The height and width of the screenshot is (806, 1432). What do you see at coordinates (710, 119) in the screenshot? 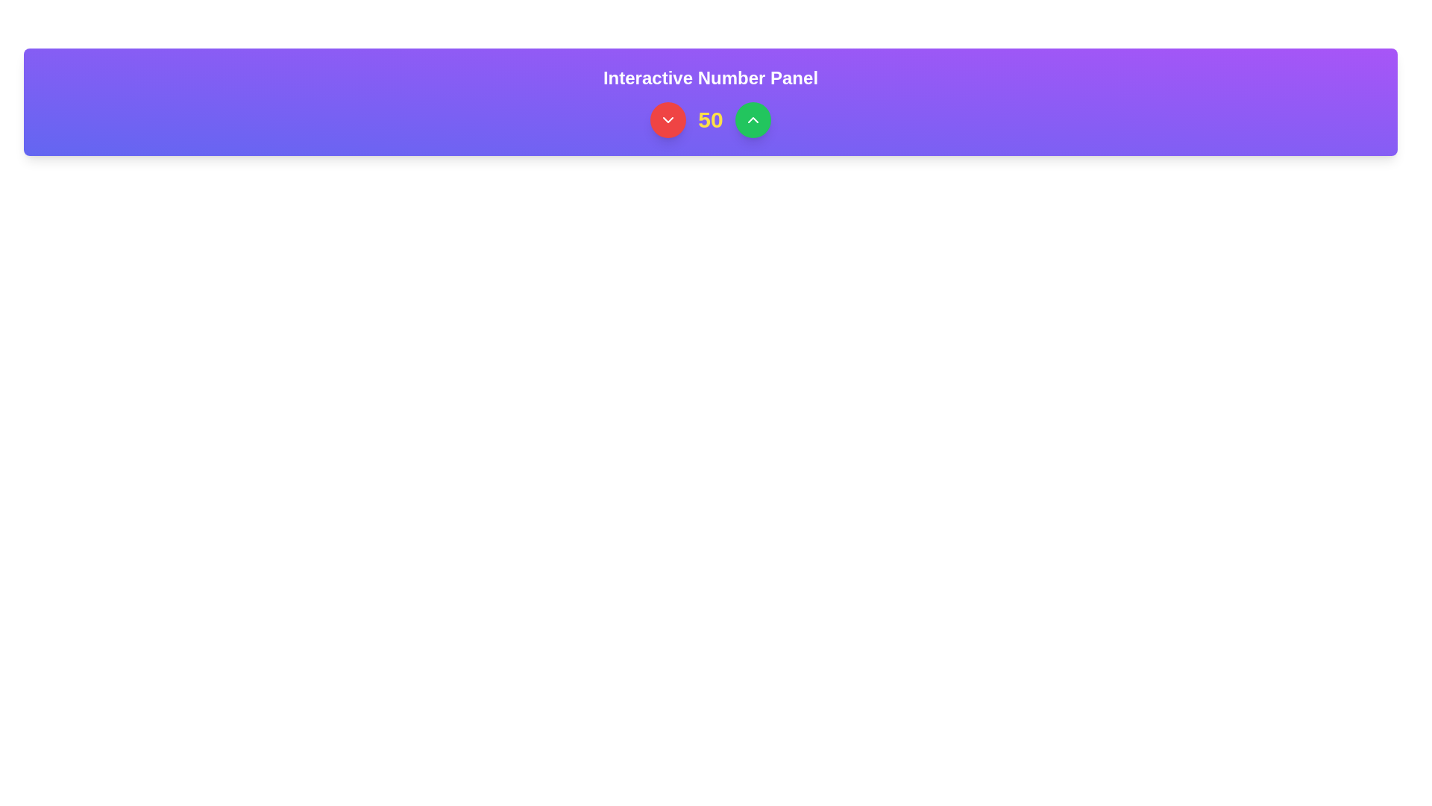
I see `the static text element displaying the numeric value '50', which is prominently styled in yellow on a purple background and is centrally aligned amidst adjacent circular buttons` at bounding box center [710, 119].